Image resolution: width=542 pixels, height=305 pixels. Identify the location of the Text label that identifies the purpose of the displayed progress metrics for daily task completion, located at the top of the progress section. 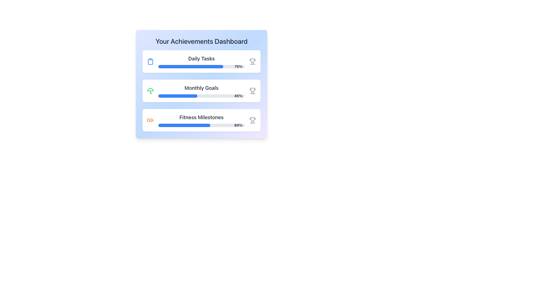
(202, 59).